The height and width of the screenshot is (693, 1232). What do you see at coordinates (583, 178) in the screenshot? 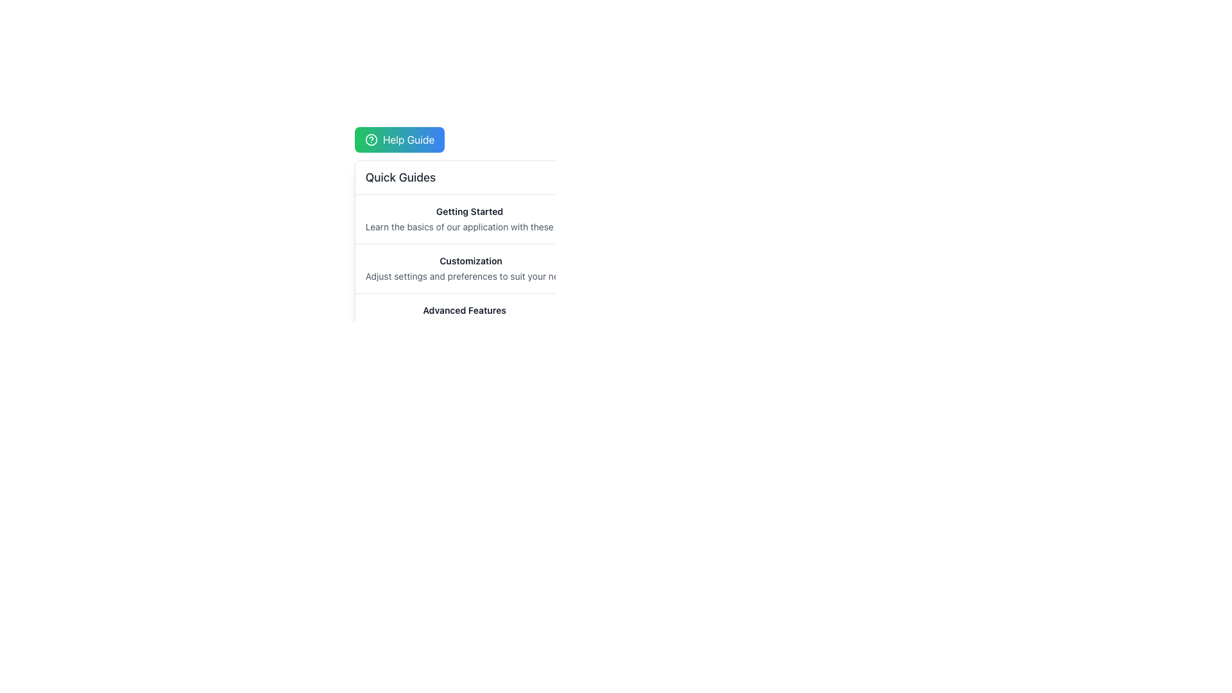
I see `the close button located at the far-right side of the 'Quick Guides' section to hide or dismiss it` at bounding box center [583, 178].